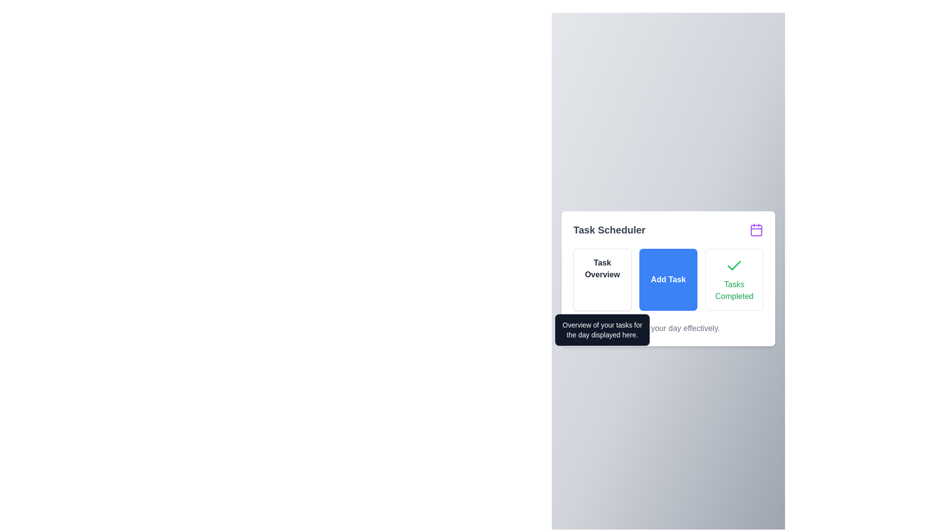 The image size is (945, 532). I want to click on the informational message text located at the bottom of the 'Task Scheduler' card, which provides tips for organizing daily tasks, so click(668, 329).